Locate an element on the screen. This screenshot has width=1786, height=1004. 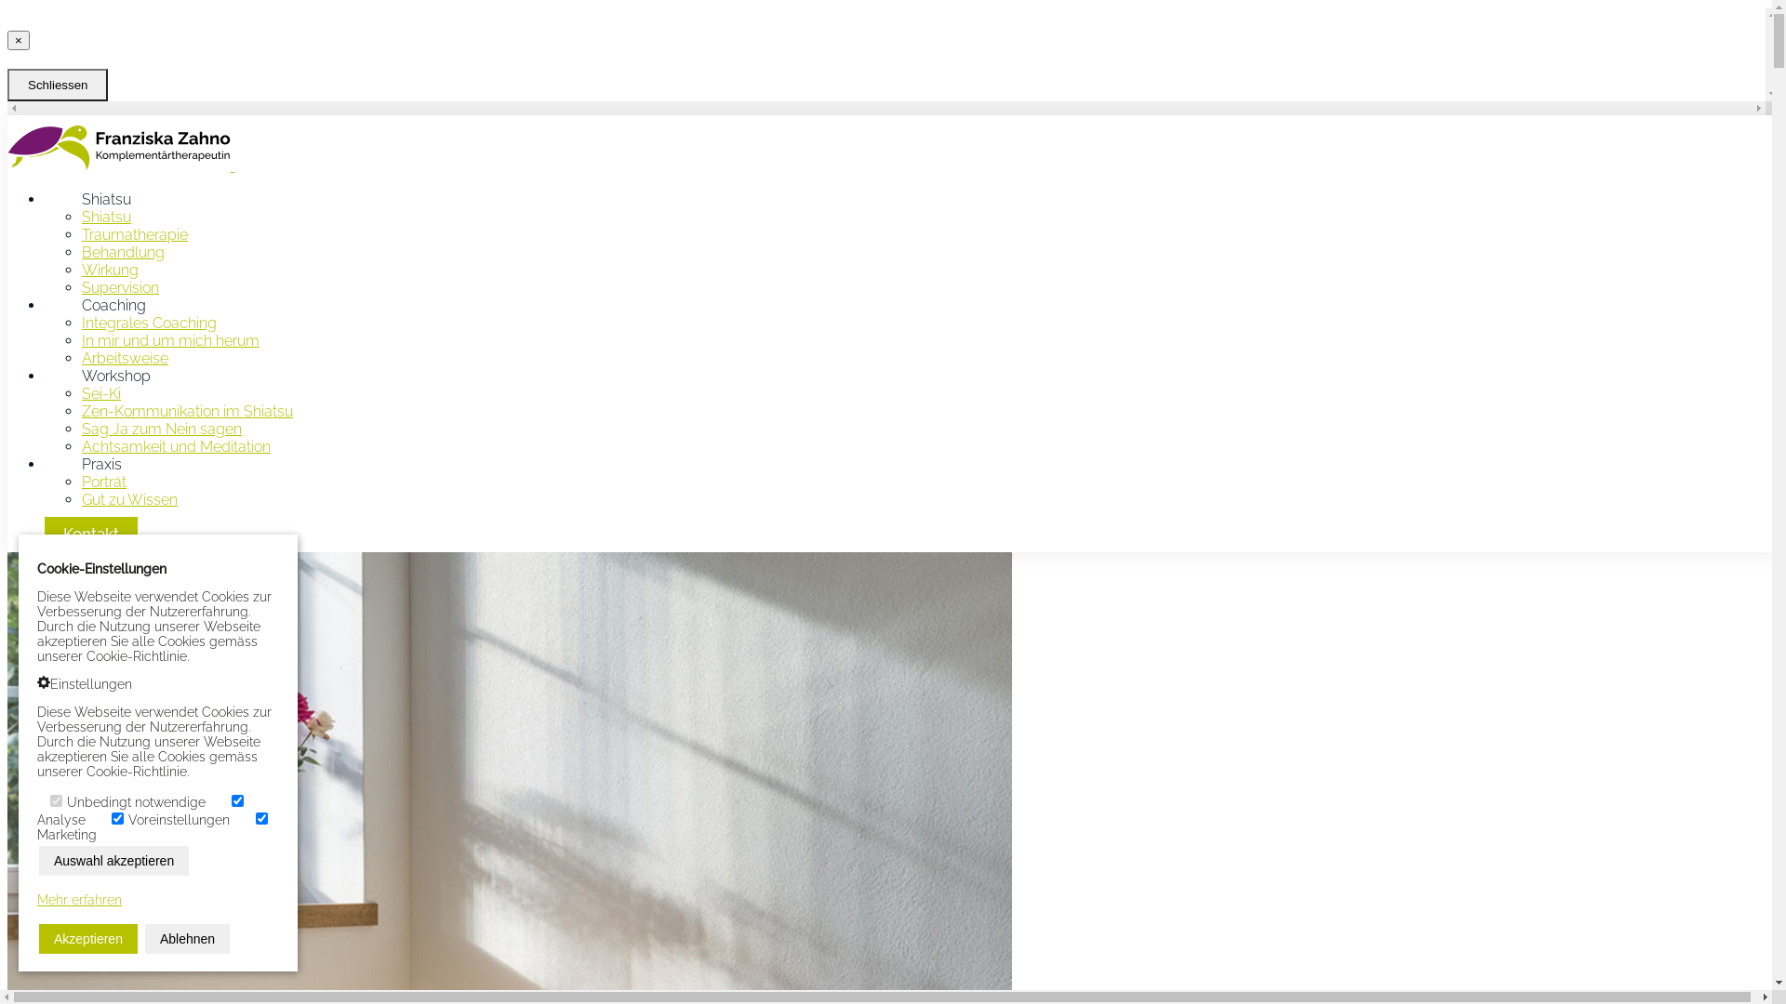
'Gut zu Wissen' is located at coordinates (128, 498).